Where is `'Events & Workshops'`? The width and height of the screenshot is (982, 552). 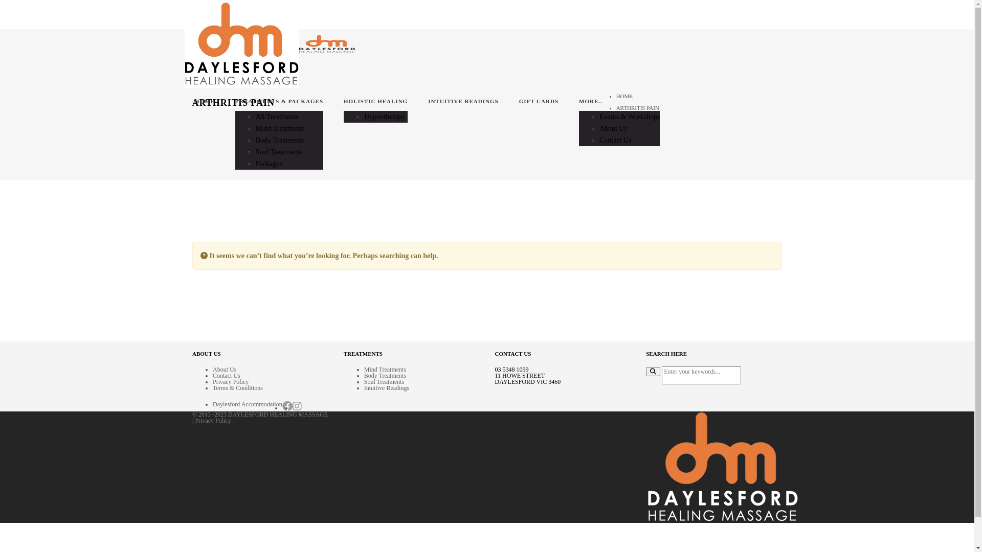 'Events & Workshops' is located at coordinates (629, 116).